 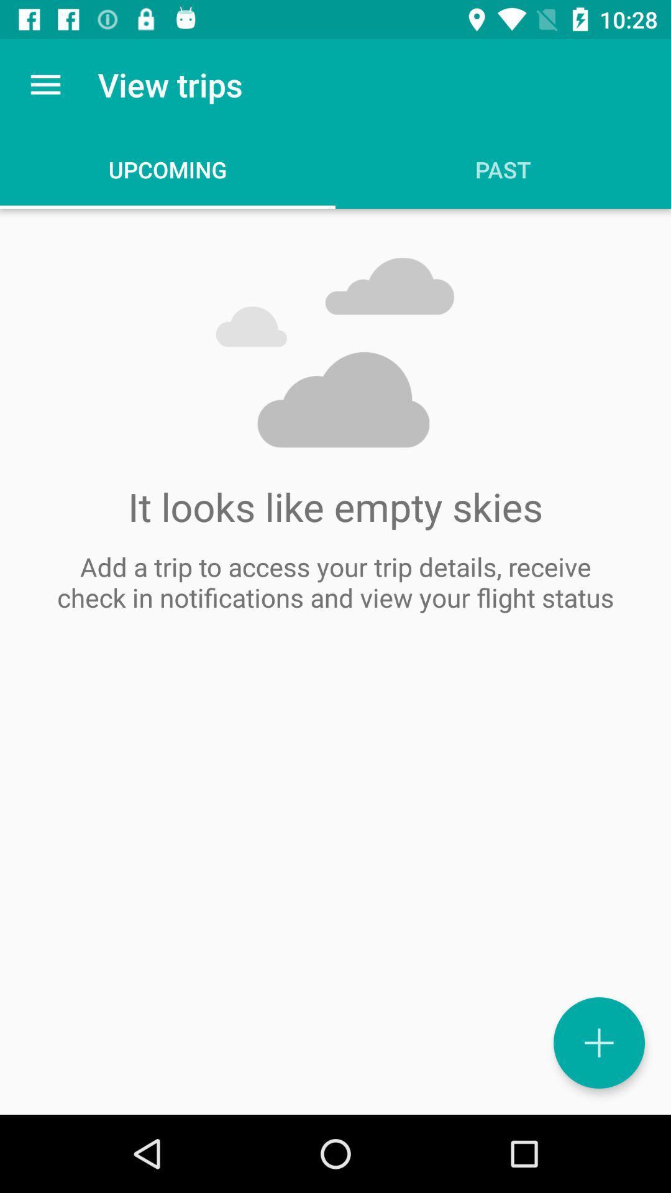 What do you see at coordinates (598, 1043) in the screenshot?
I see `trips` at bounding box center [598, 1043].